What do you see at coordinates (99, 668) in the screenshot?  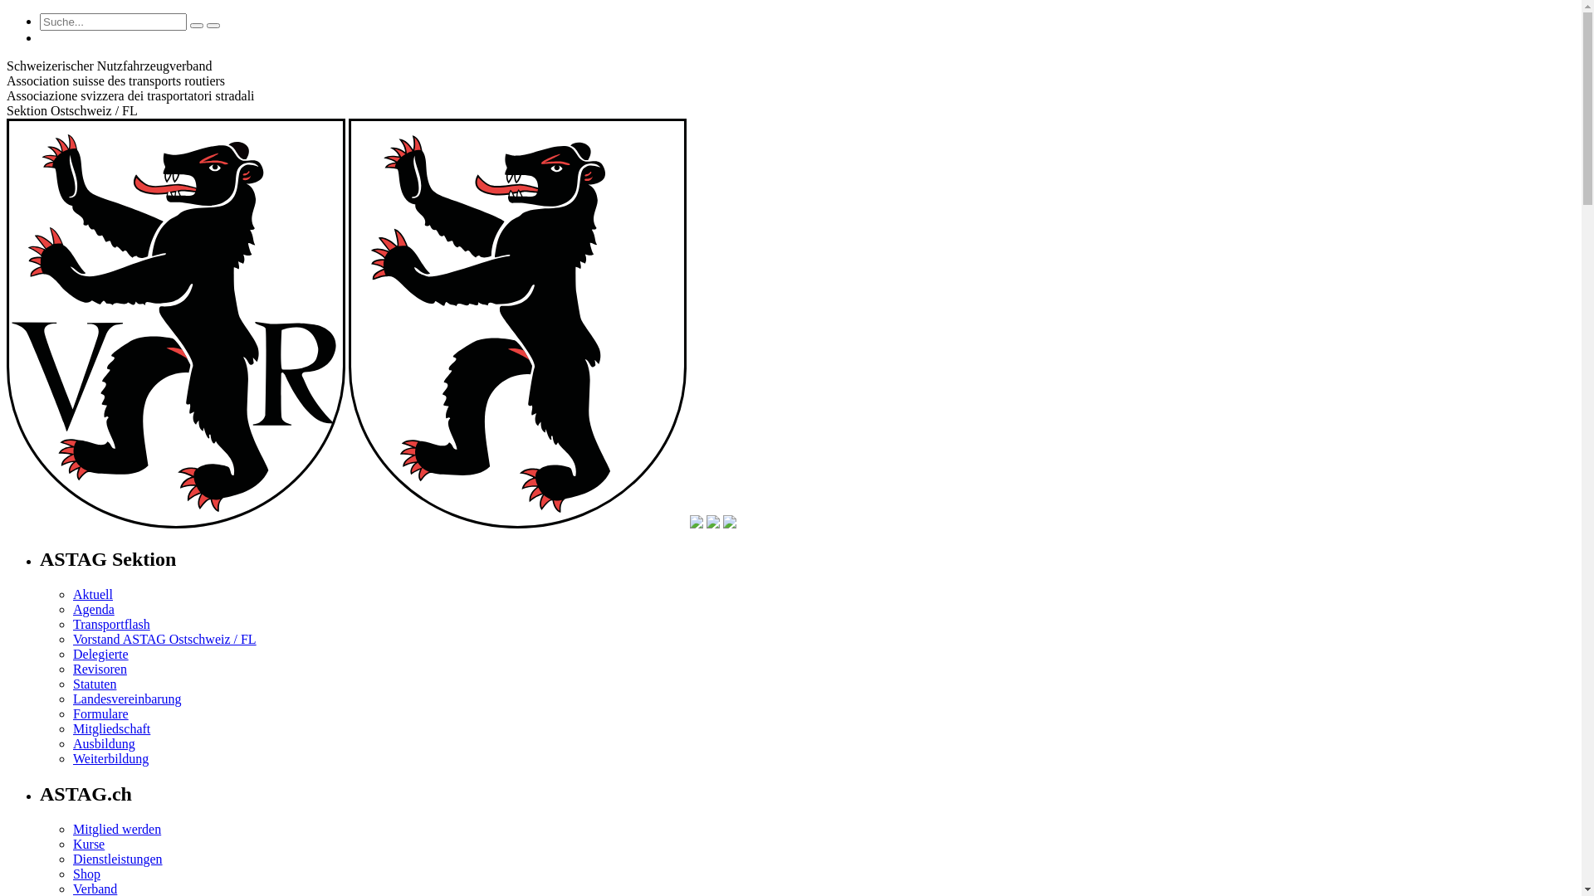 I see `'Revisoren'` at bounding box center [99, 668].